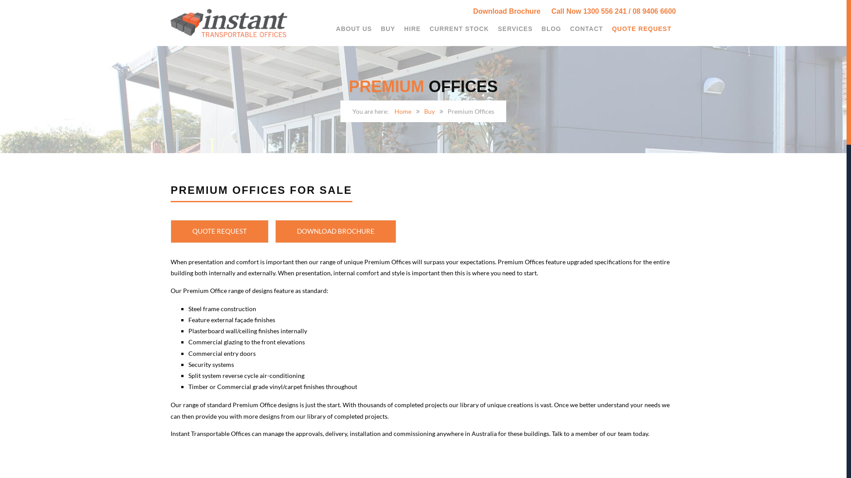 The height and width of the screenshot is (478, 851). What do you see at coordinates (607, 28) in the screenshot?
I see `'QUOTE REQUEST'` at bounding box center [607, 28].